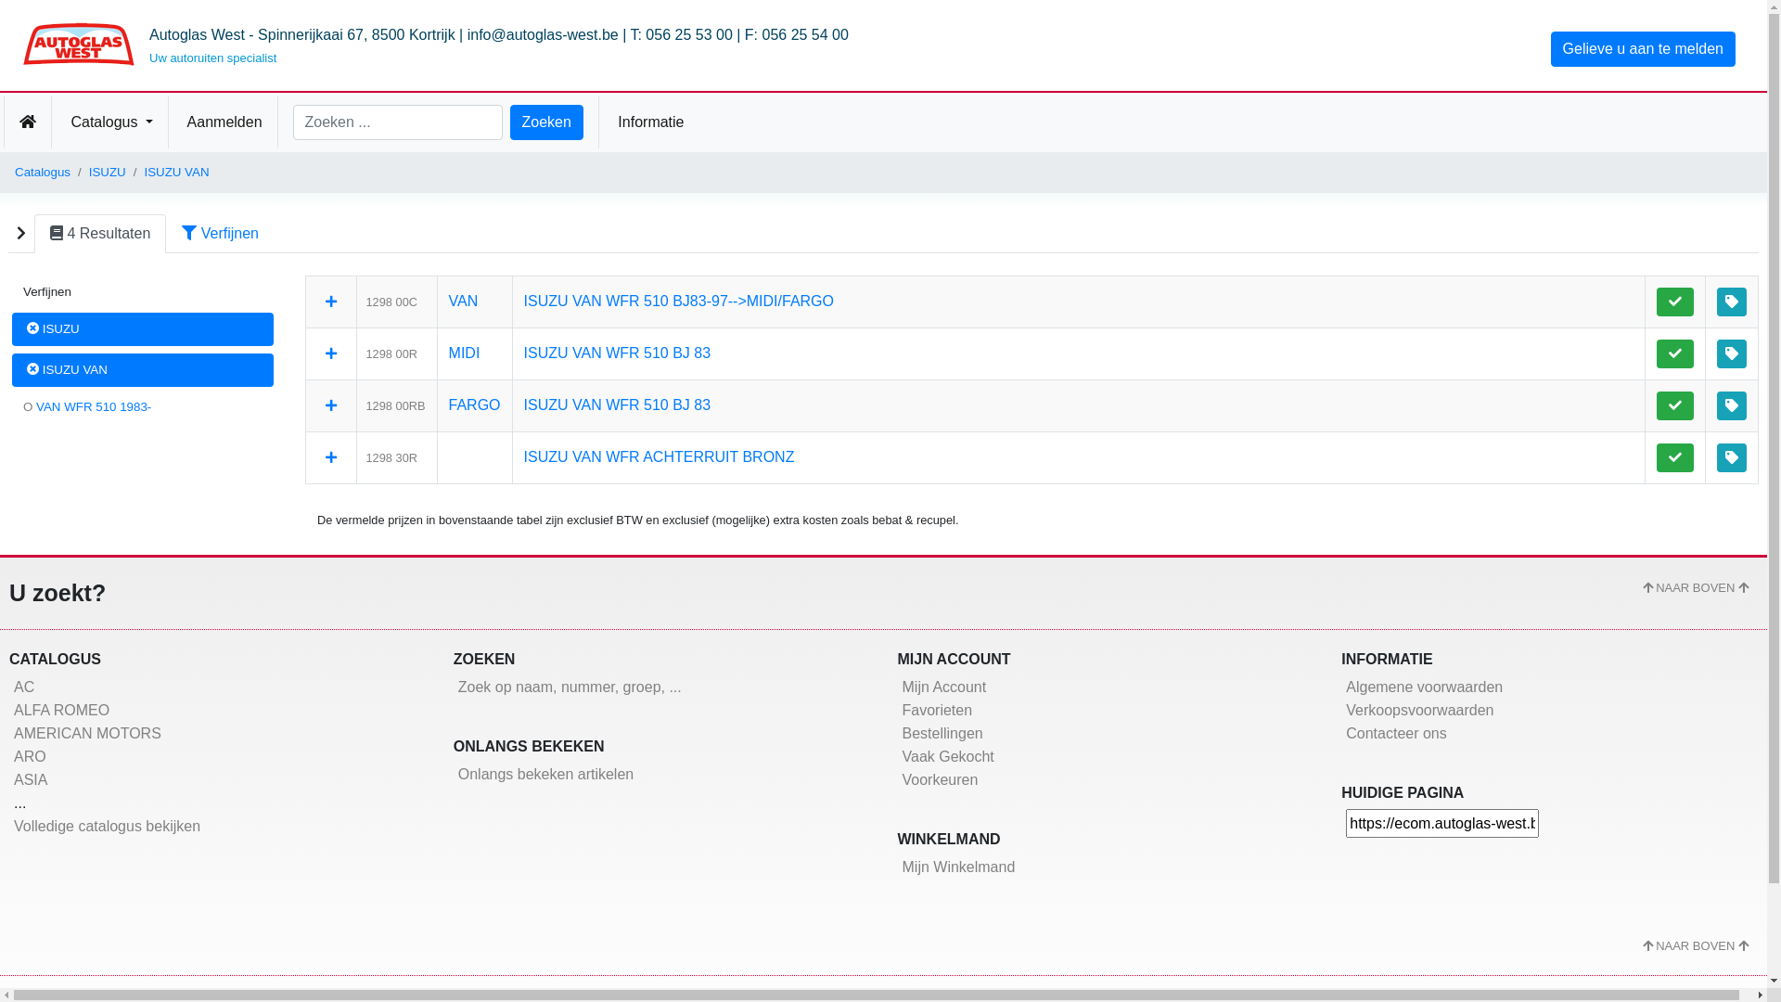  I want to click on 'Mijn Winkelmand', so click(957, 867).